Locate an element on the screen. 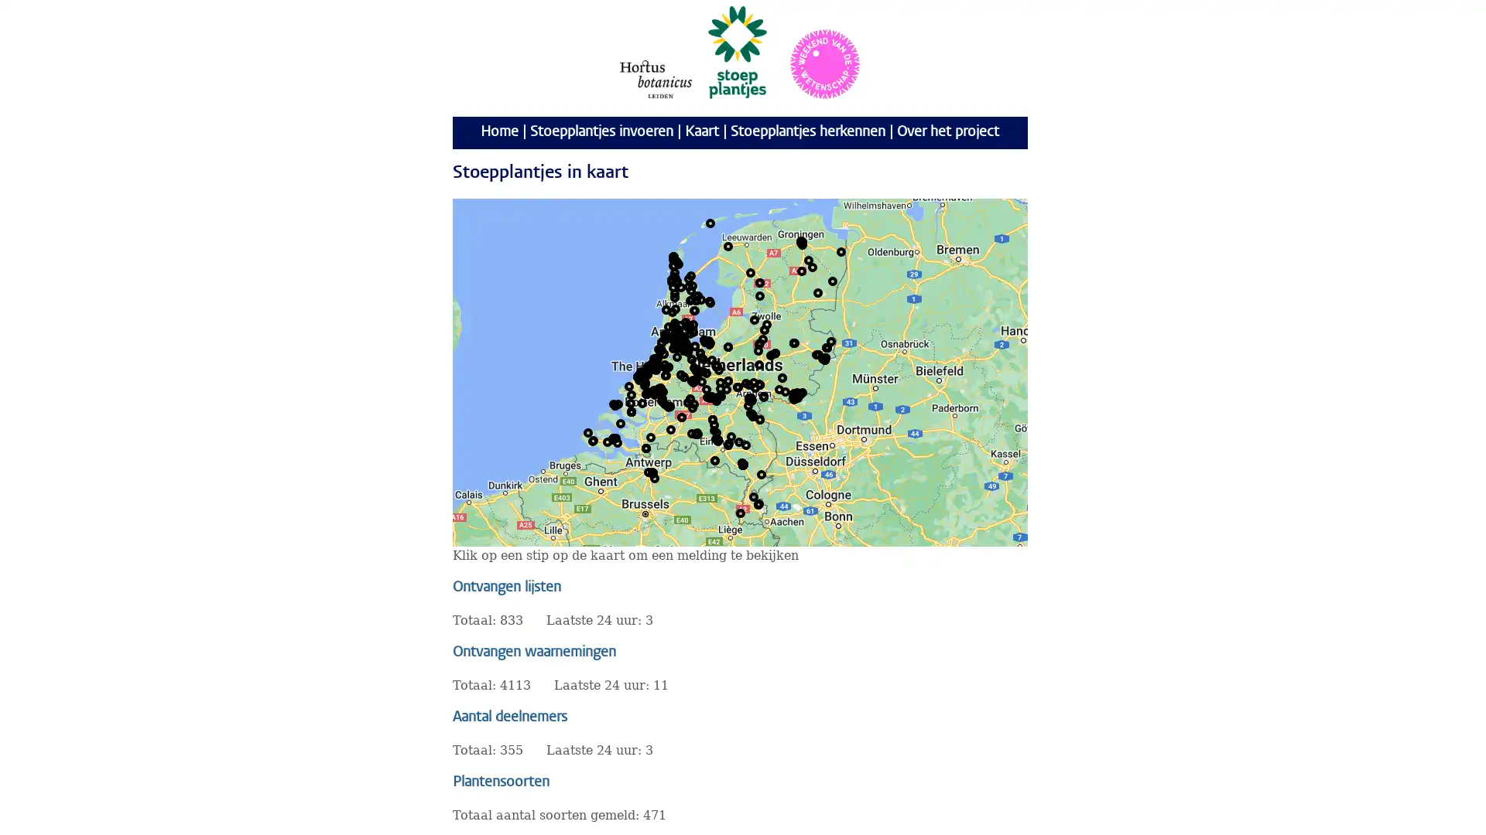 Image resolution: width=1486 pixels, height=835 pixels. Telling van Gaby op 05 februari 2022 is located at coordinates (749, 383).